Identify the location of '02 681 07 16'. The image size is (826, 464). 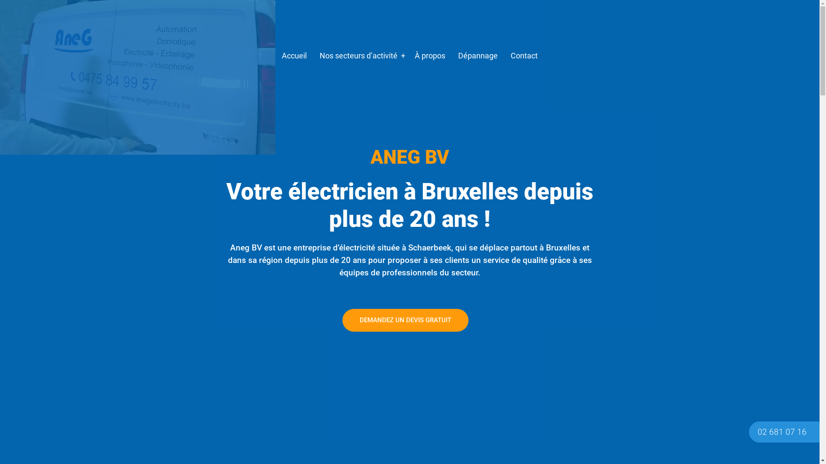
(782, 432).